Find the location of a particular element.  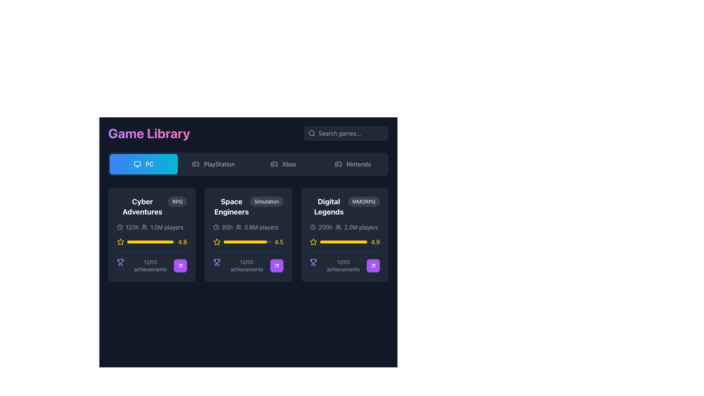

text content from the Text Label displaying the number of players for the game 'Space Engineers', which is located within the card for the game, positioned to the right of '85h' and a player icon is located at coordinates (261, 227).